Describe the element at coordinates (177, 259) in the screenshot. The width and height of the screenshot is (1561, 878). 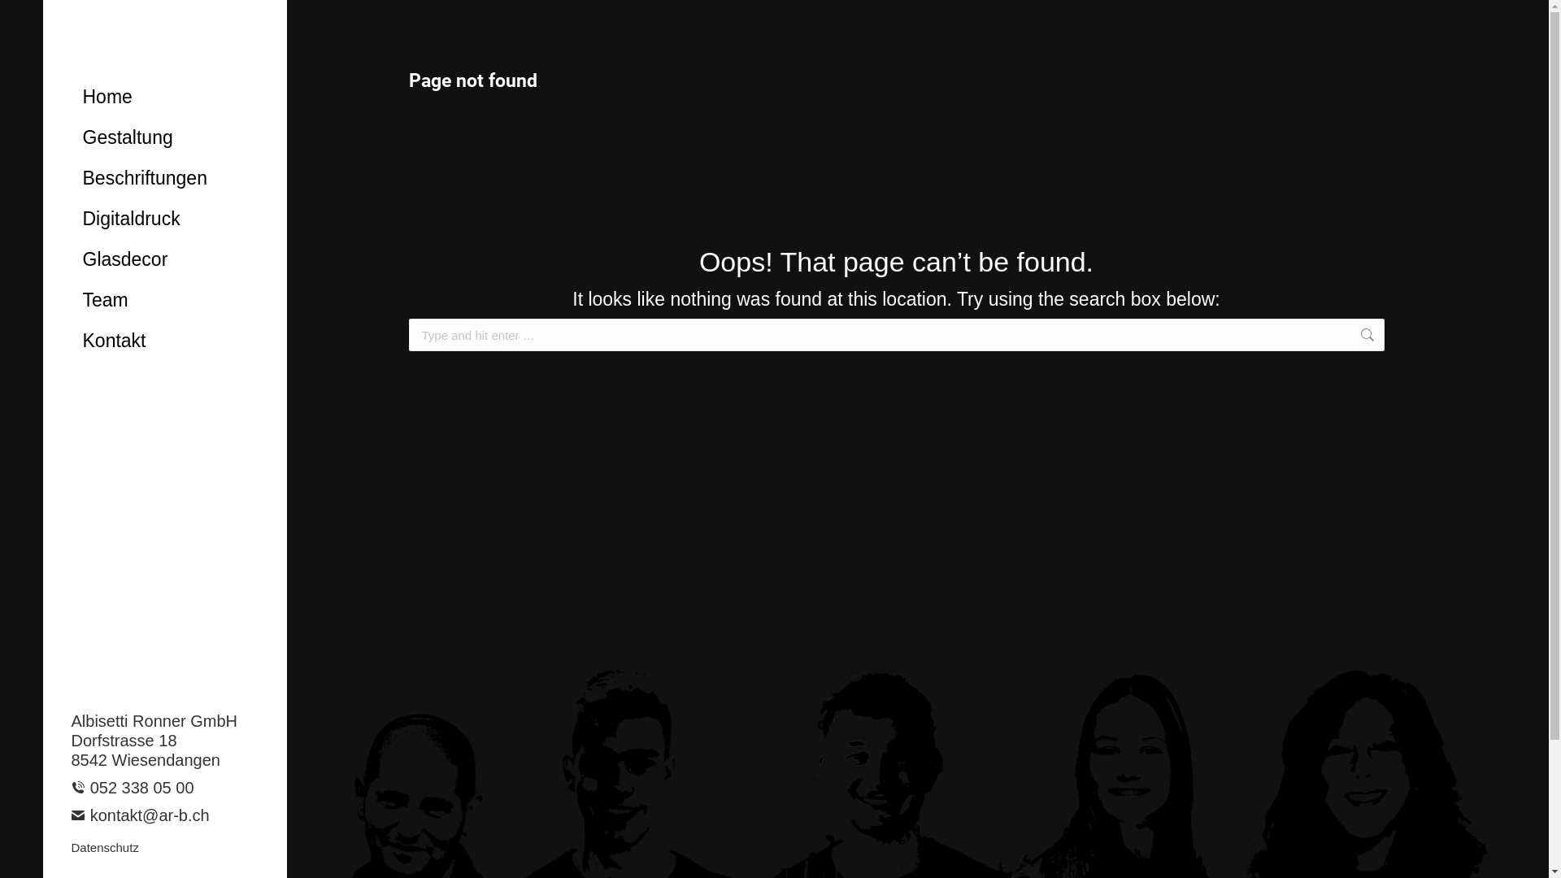
I see `'Glasdecor'` at that location.